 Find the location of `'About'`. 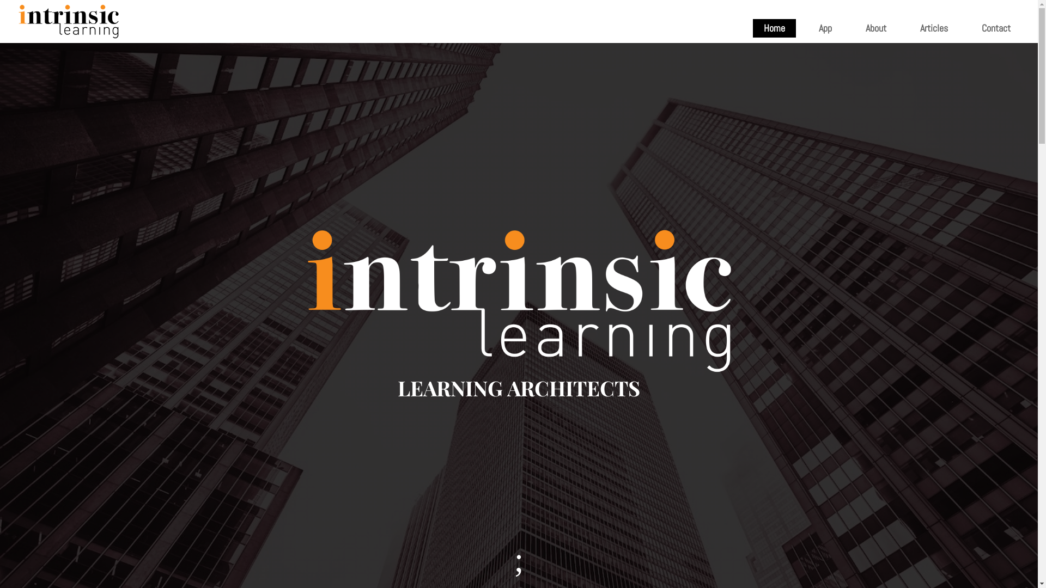

'About' is located at coordinates (876, 27).